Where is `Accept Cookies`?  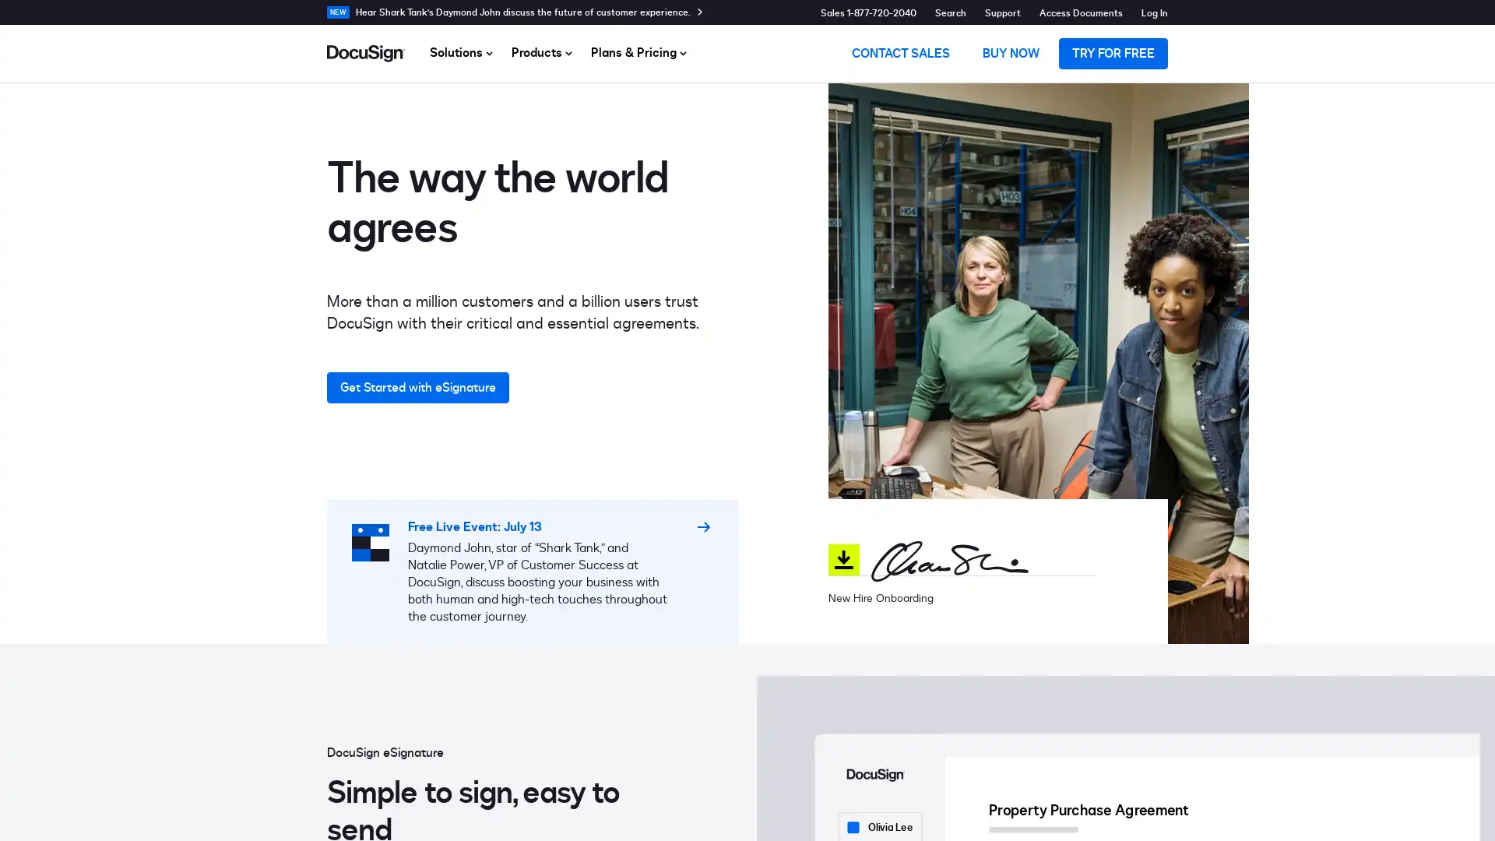
Accept Cookies is located at coordinates (1392, 806).